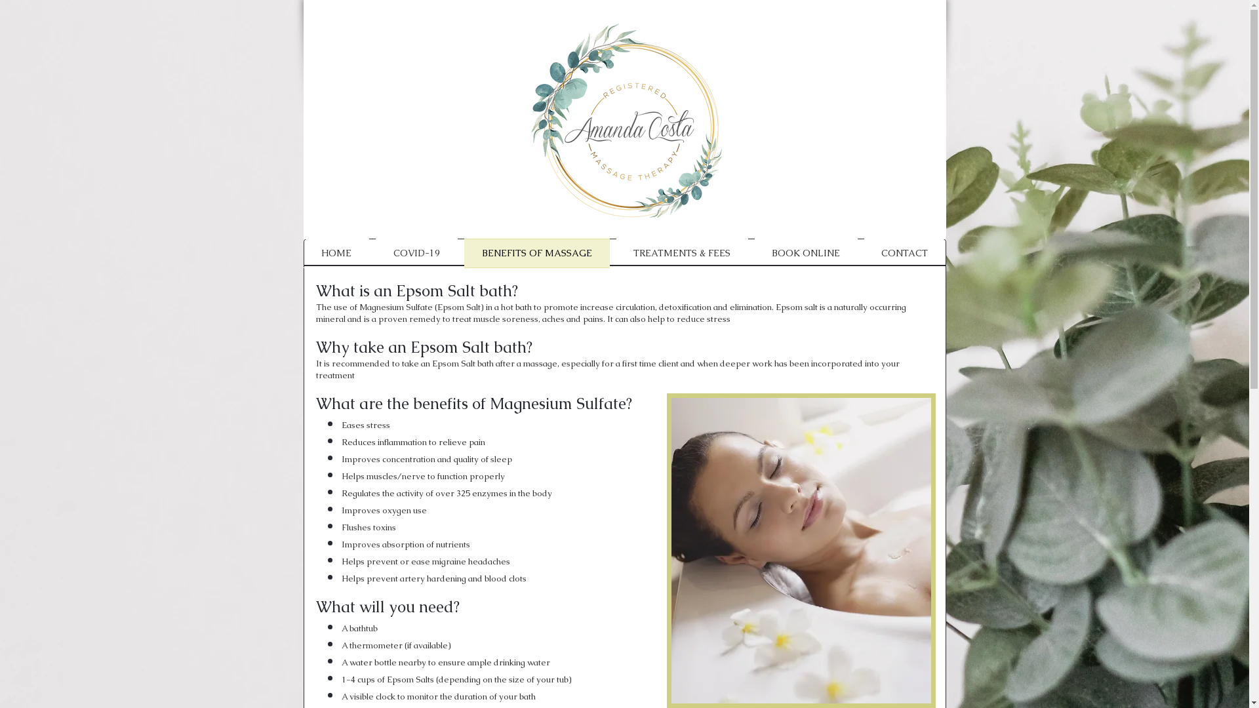 Image resolution: width=1259 pixels, height=708 pixels. Describe the element at coordinates (302, 253) in the screenshot. I see `'HOME'` at that location.